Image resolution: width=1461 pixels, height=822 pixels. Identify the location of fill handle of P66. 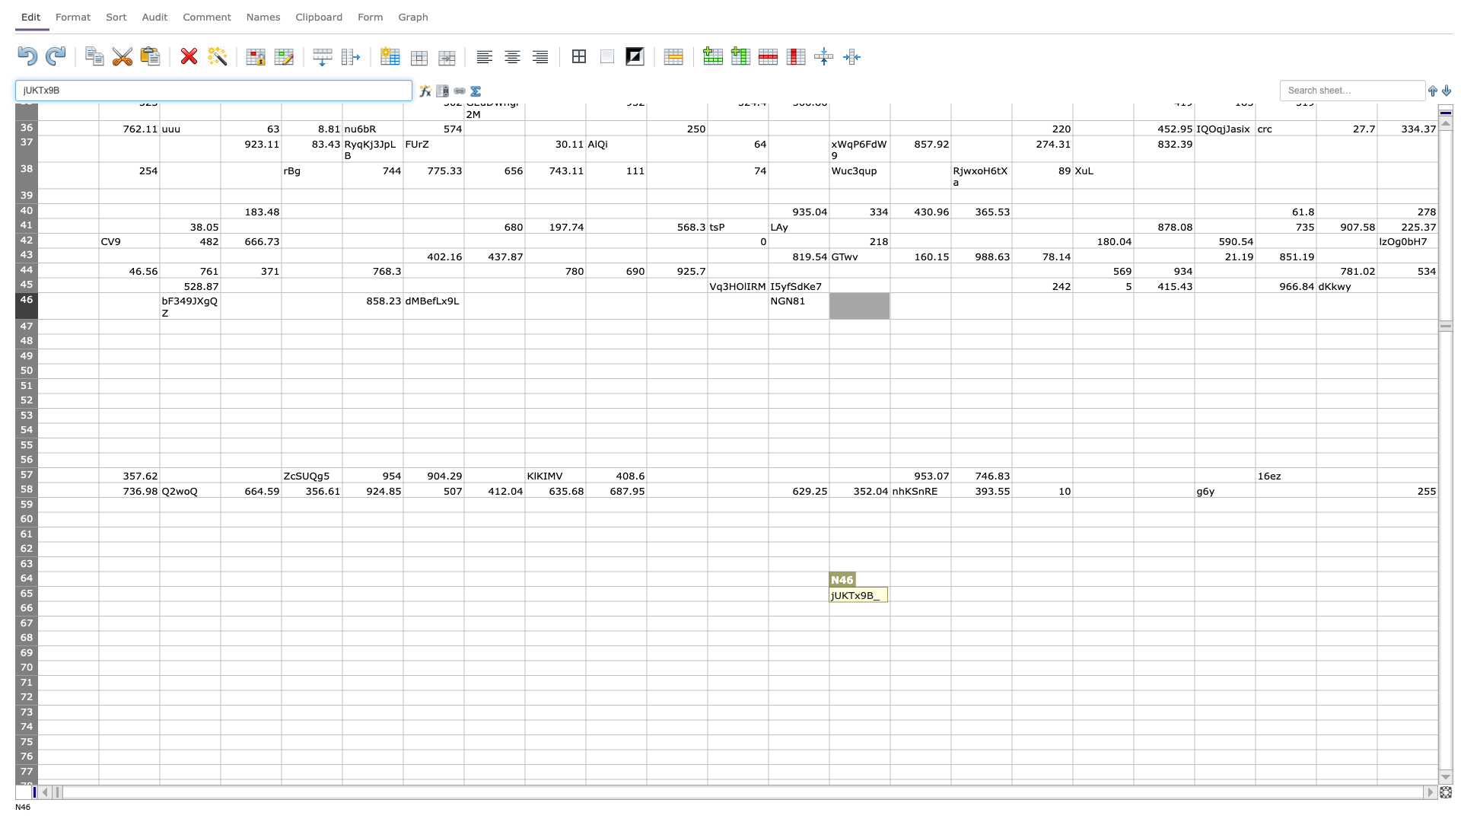
(1011, 615).